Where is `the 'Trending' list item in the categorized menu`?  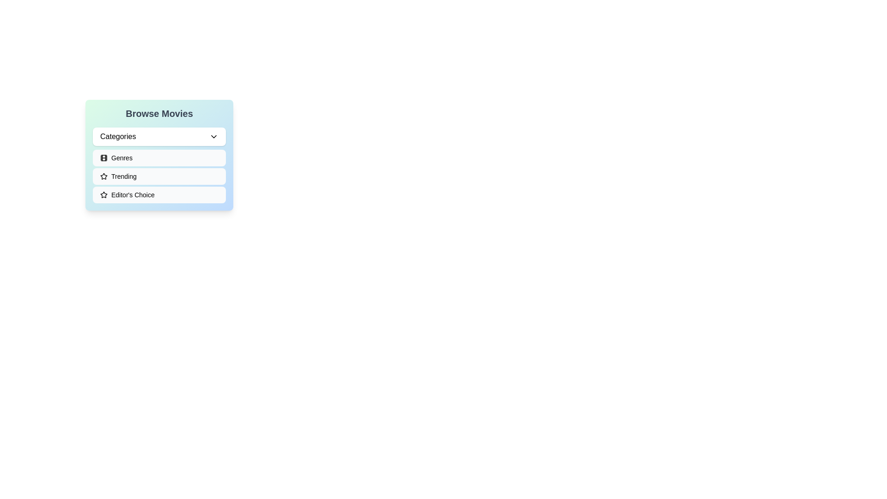 the 'Trending' list item in the categorized menu is located at coordinates (159, 176).